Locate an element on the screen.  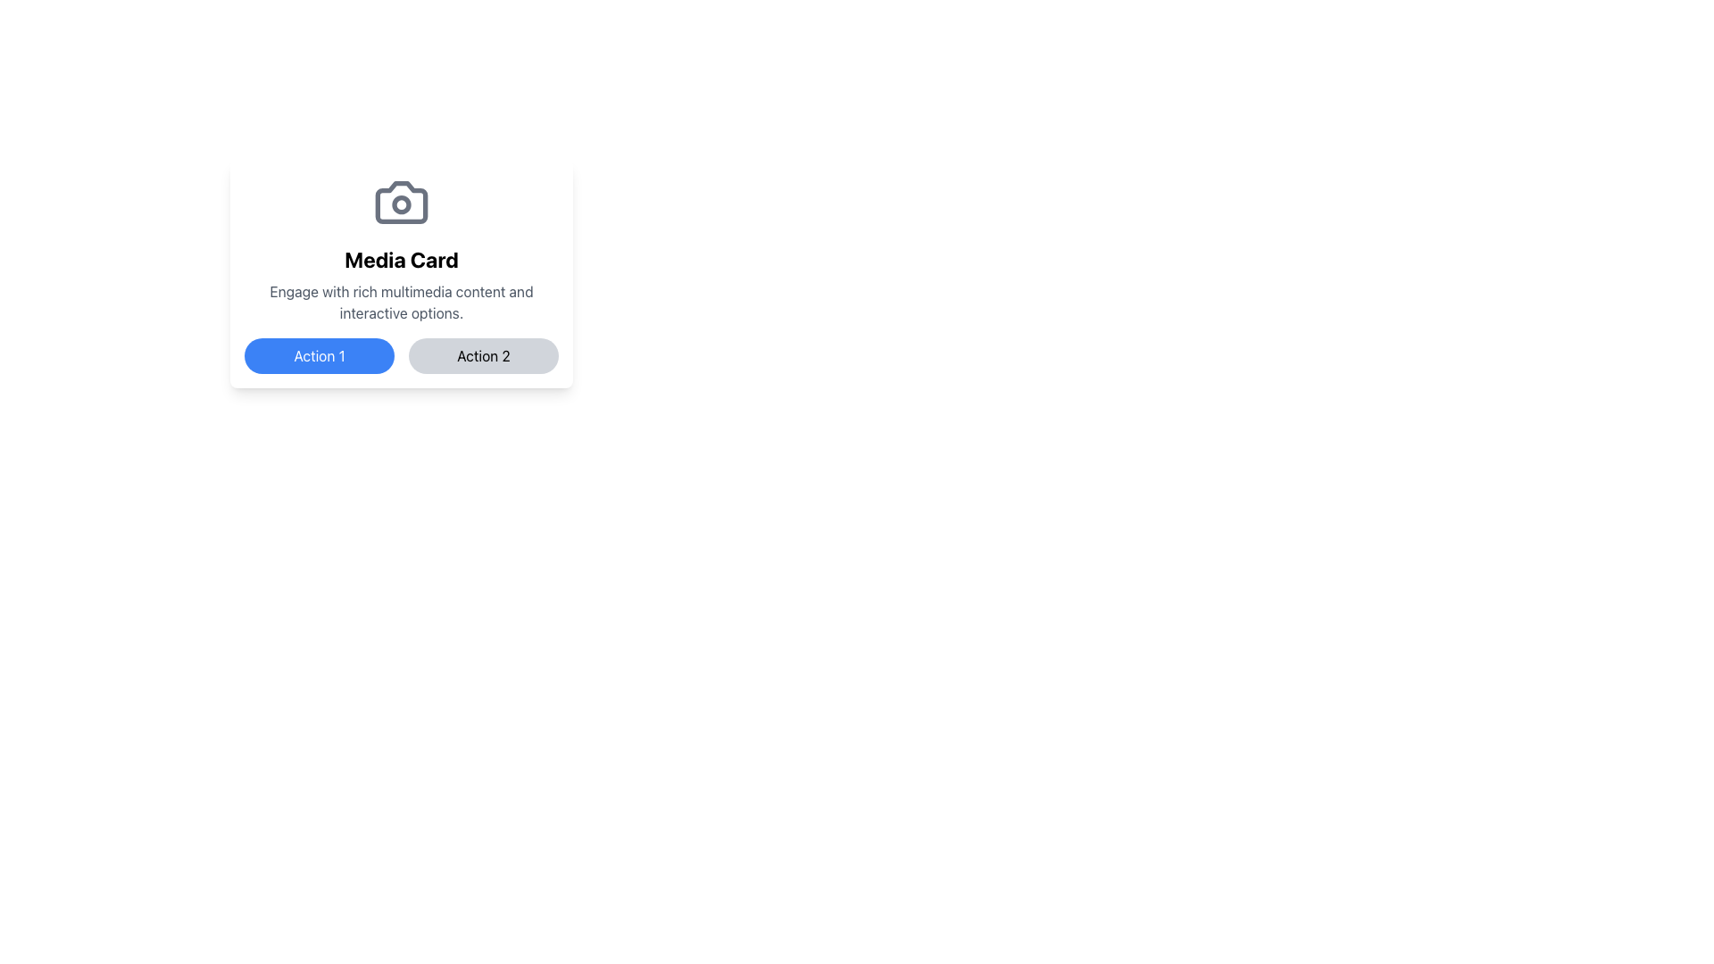
the camera icon located at the center of the card, which represents media capture functionality is located at coordinates (401, 202).